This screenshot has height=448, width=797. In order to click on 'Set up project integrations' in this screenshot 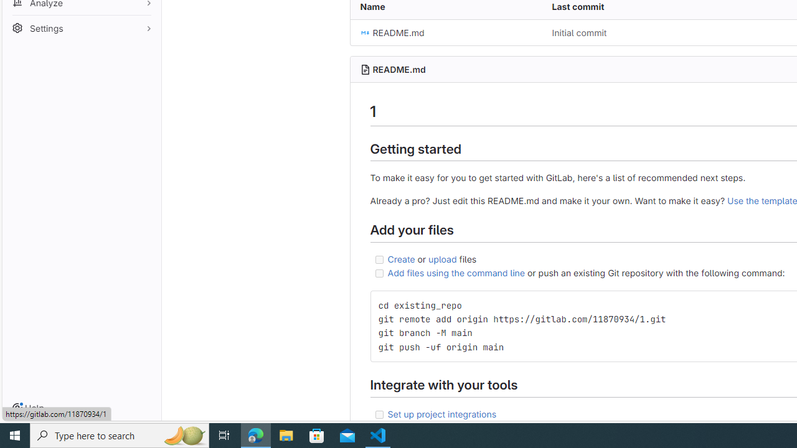, I will do `click(441, 413)`.